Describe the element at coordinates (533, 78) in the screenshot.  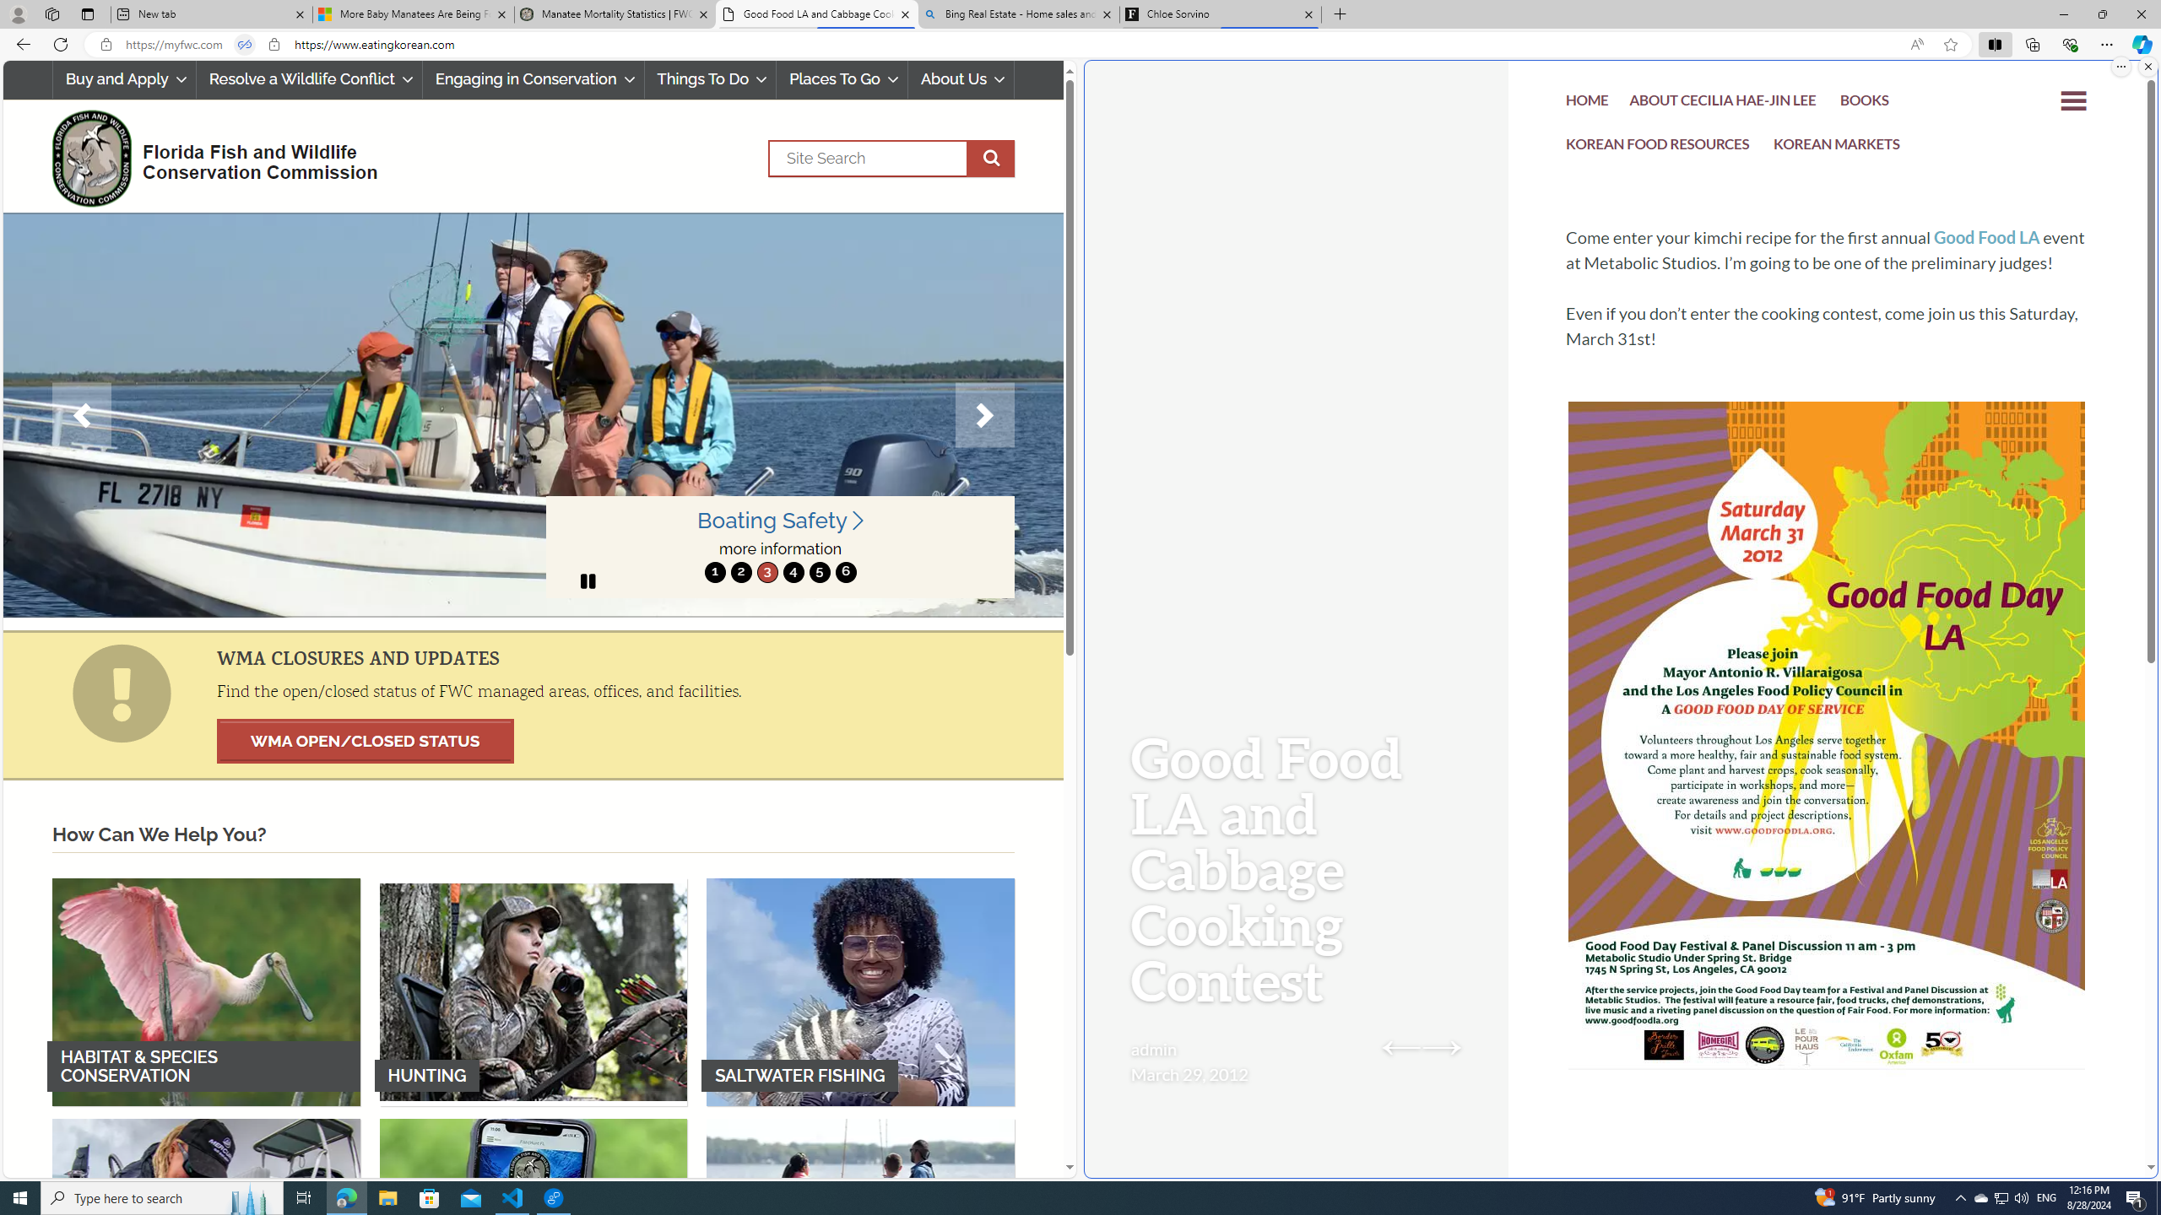
I see `'Engaging in Conservation'` at that location.